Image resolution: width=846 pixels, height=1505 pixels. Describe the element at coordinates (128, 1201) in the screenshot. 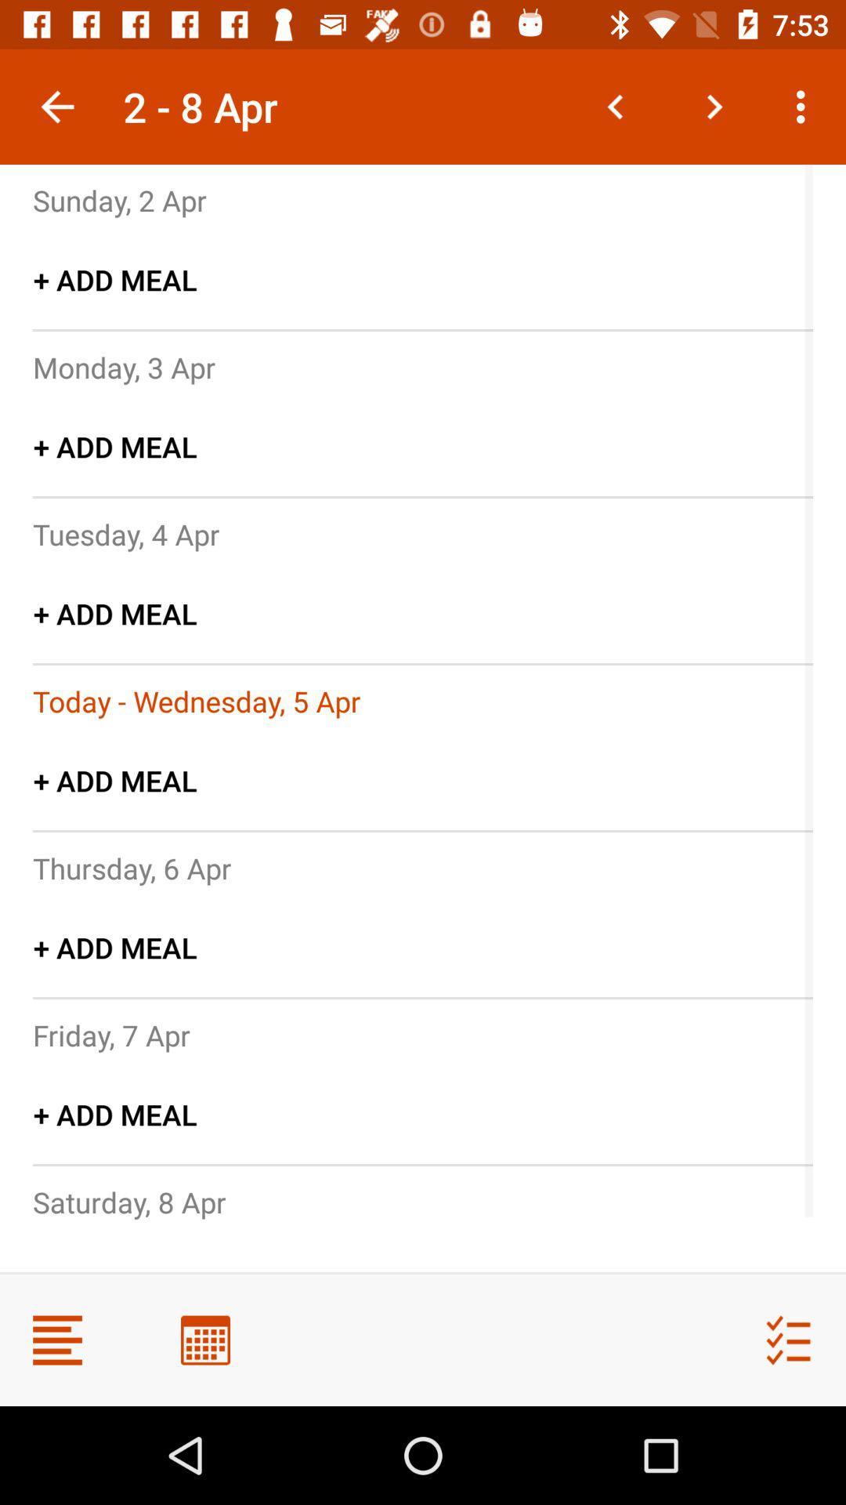

I see `icon below + add meal` at that location.